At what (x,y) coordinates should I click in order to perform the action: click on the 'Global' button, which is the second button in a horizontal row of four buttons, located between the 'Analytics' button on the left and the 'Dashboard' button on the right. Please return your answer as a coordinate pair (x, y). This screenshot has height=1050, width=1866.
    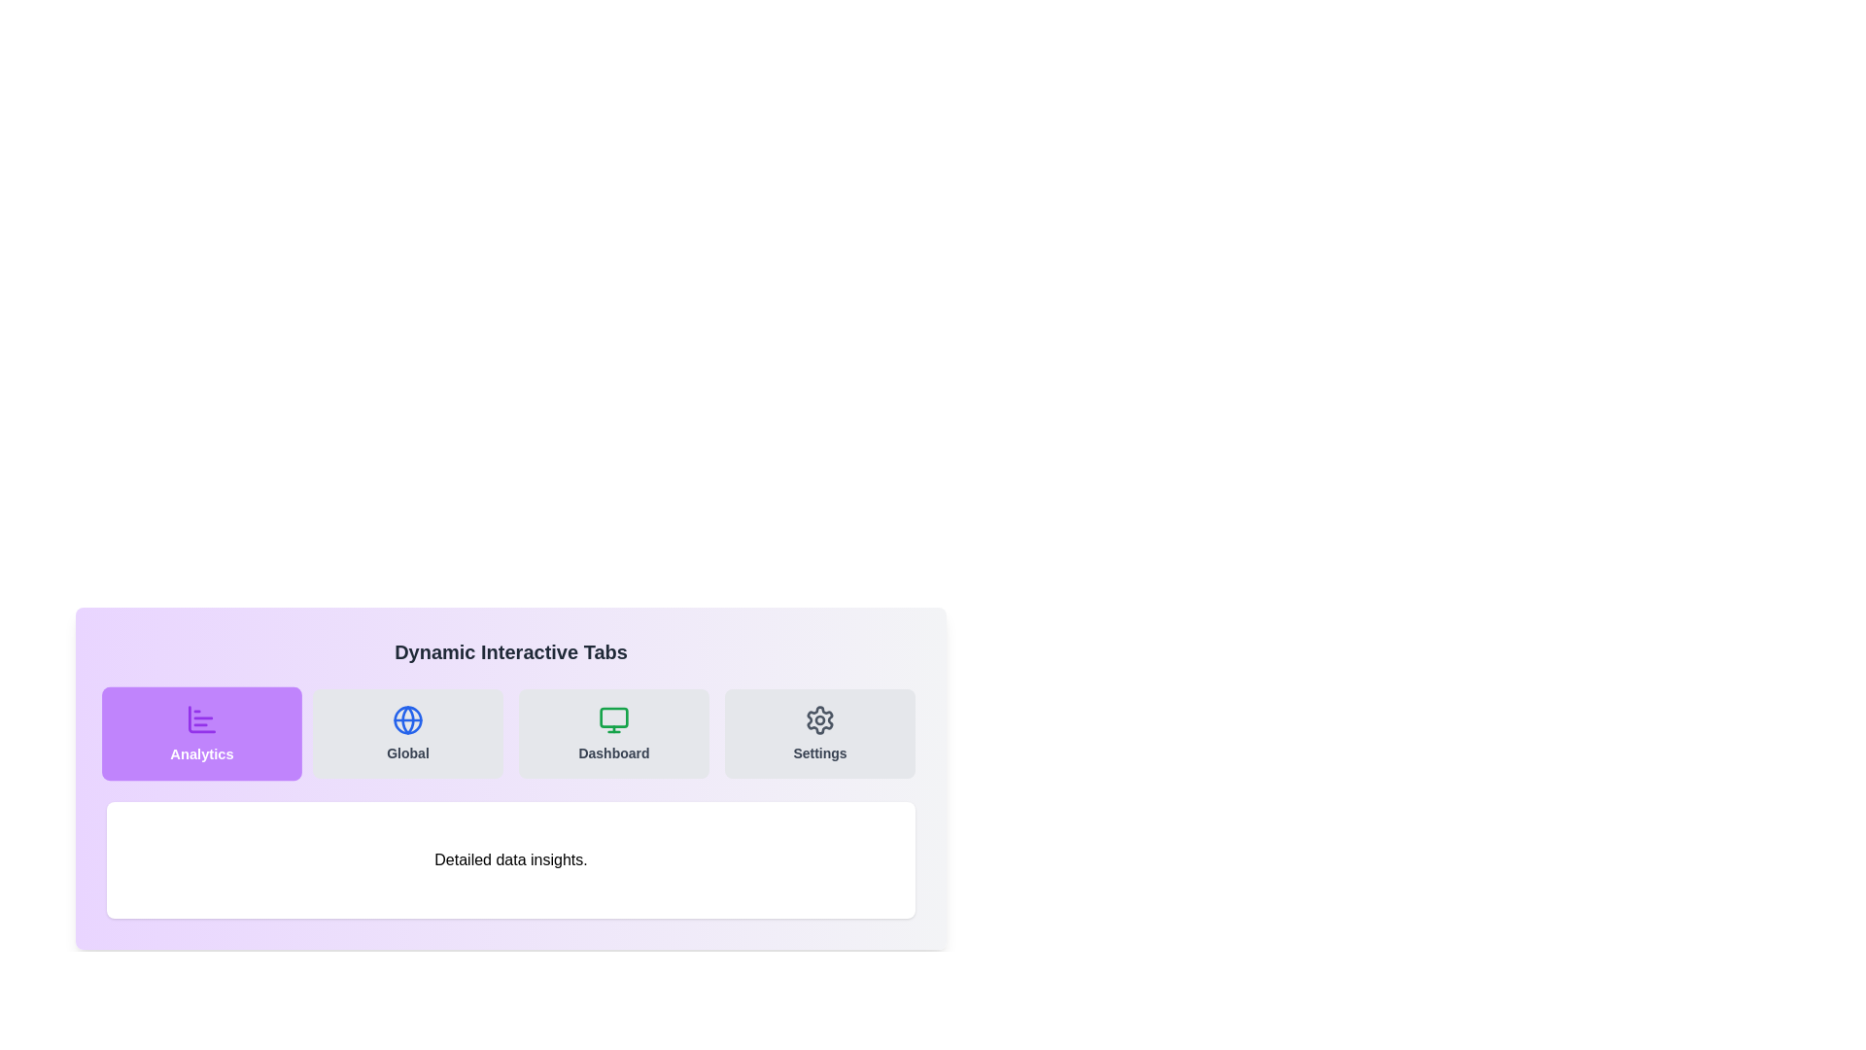
    Looking at the image, I should click on (407, 734).